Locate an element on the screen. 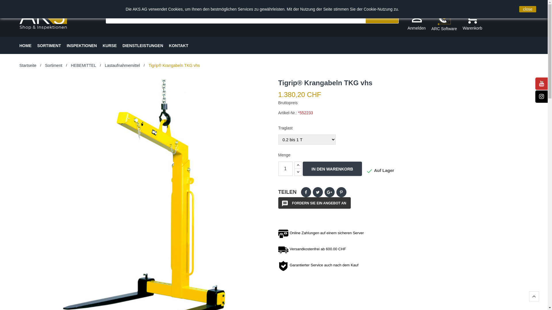  'Lastaufnahmemittel' is located at coordinates (122, 65).